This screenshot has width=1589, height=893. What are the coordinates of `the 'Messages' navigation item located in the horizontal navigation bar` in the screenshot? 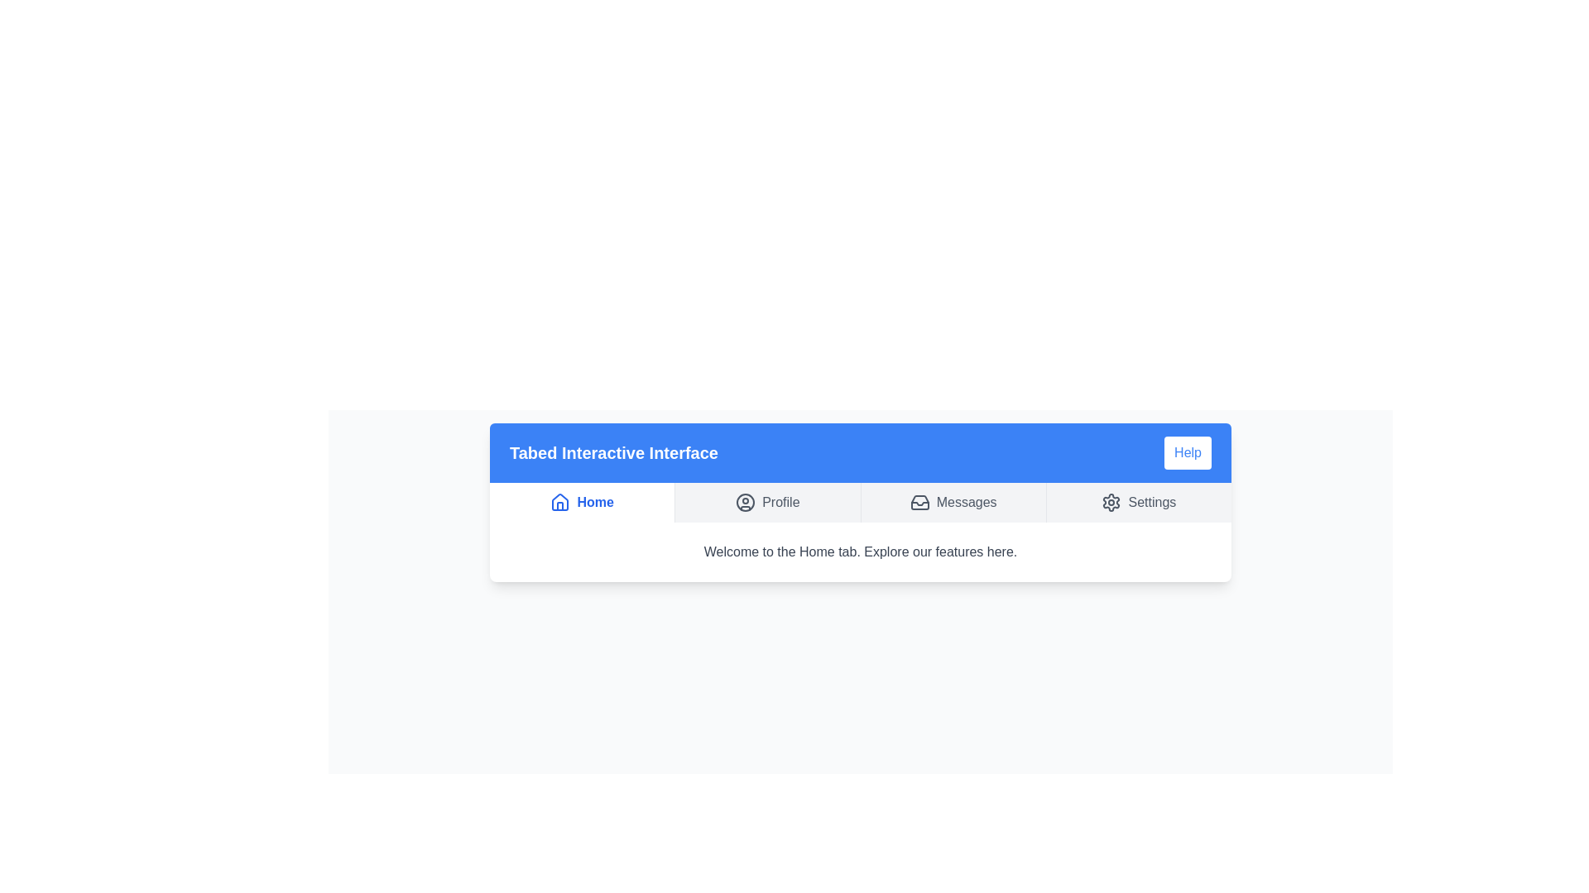 It's located at (953, 502).